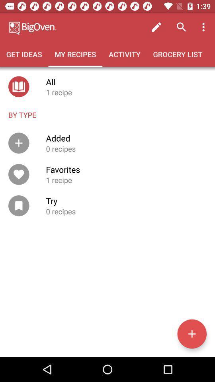 Image resolution: width=215 pixels, height=382 pixels. I want to click on the add icon, so click(192, 334).